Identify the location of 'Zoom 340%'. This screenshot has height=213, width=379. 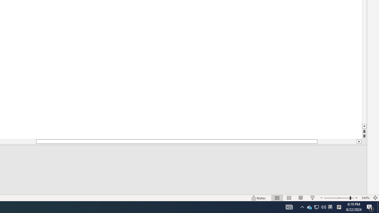
(365, 198).